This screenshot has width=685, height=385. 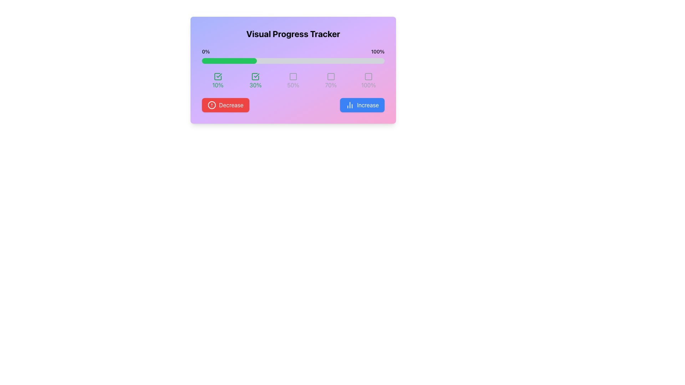 I want to click on the 100% milestone icon in the progress tracker, which is the fifth square in the row, positioned above the '100%' label, so click(x=369, y=77).